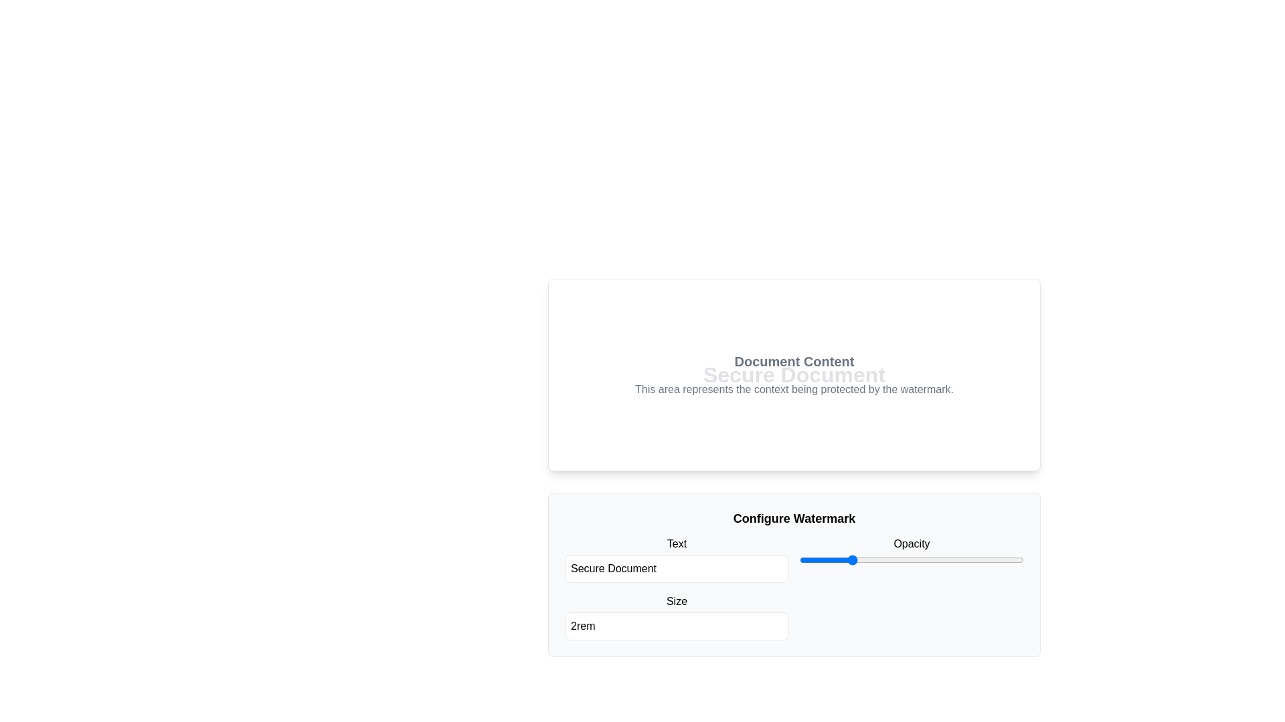  Describe the element at coordinates (794, 374) in the screenshot. I see `the static informational card that presents a visual representation of a secured document, located at the top section of the interface` at that location.